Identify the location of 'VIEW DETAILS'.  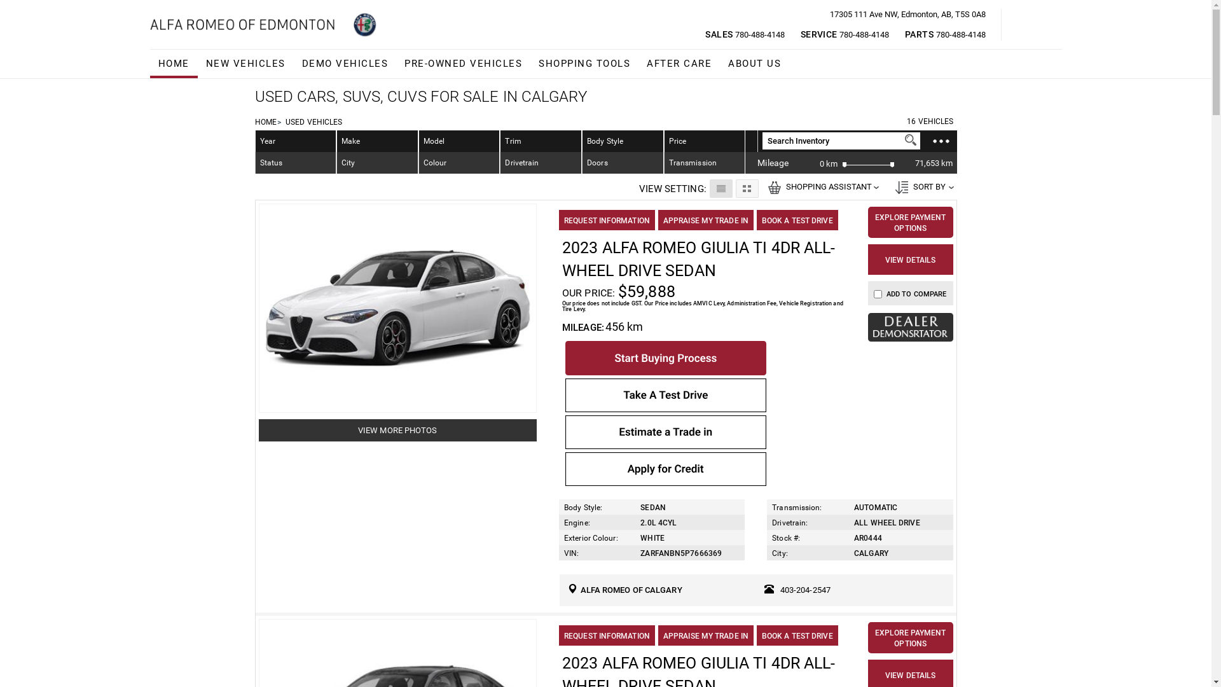
(909, 259).